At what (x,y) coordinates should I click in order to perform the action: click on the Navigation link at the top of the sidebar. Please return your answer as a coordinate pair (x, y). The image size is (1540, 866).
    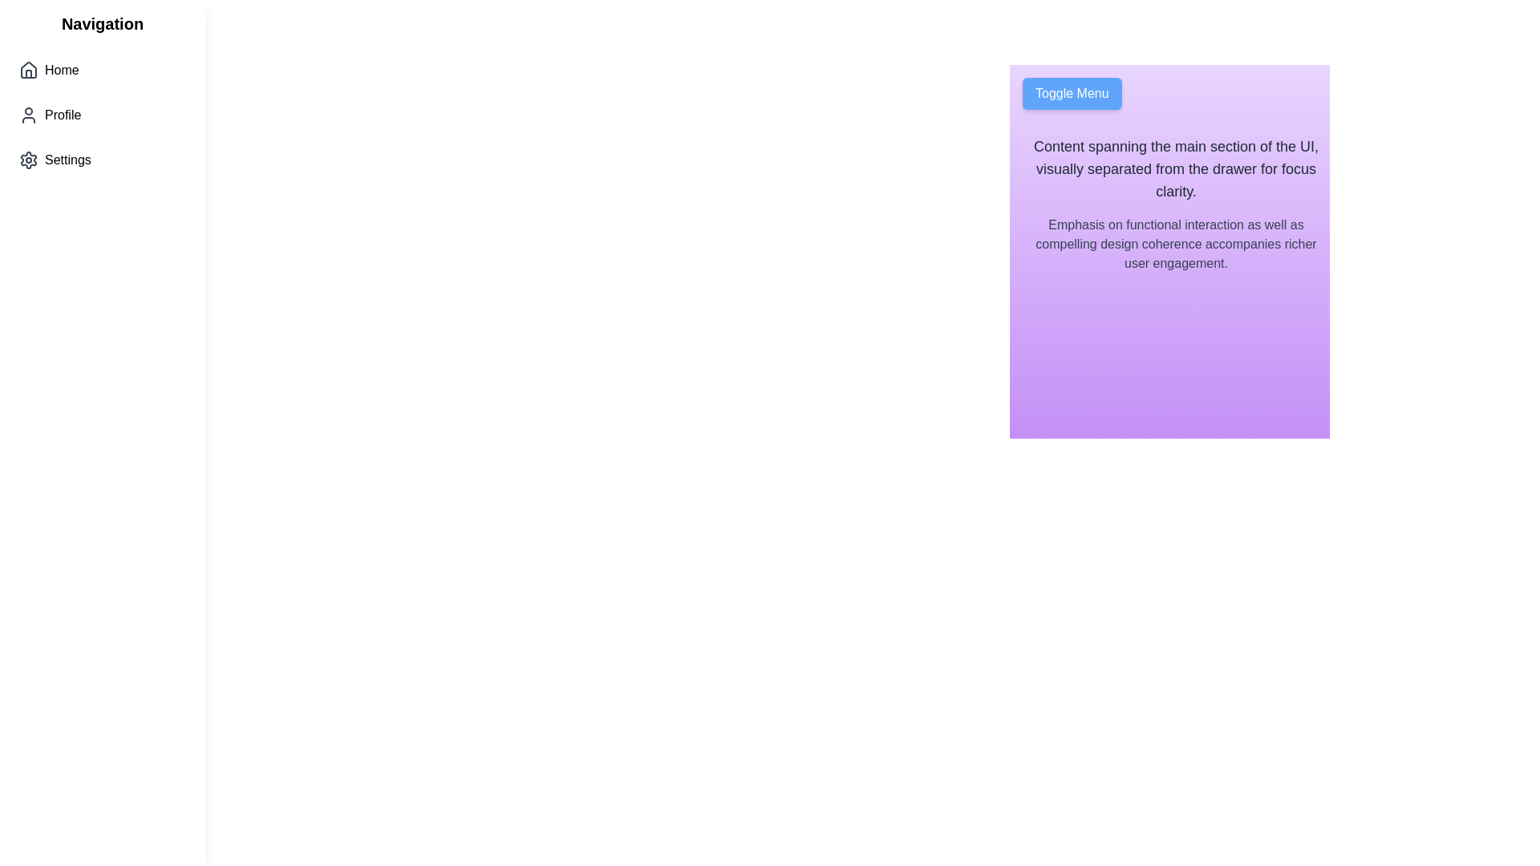
    Looking at the image, I should click on (102, 70).